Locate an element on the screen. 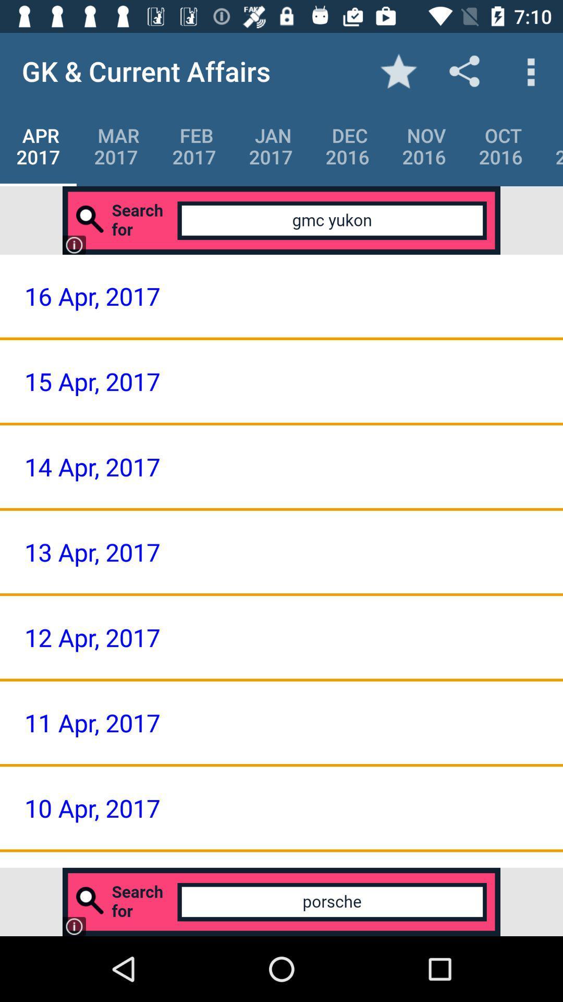 This screenshot has width=563, height=1002. icon to the left of the  oct is located at coordinates (424, 146).